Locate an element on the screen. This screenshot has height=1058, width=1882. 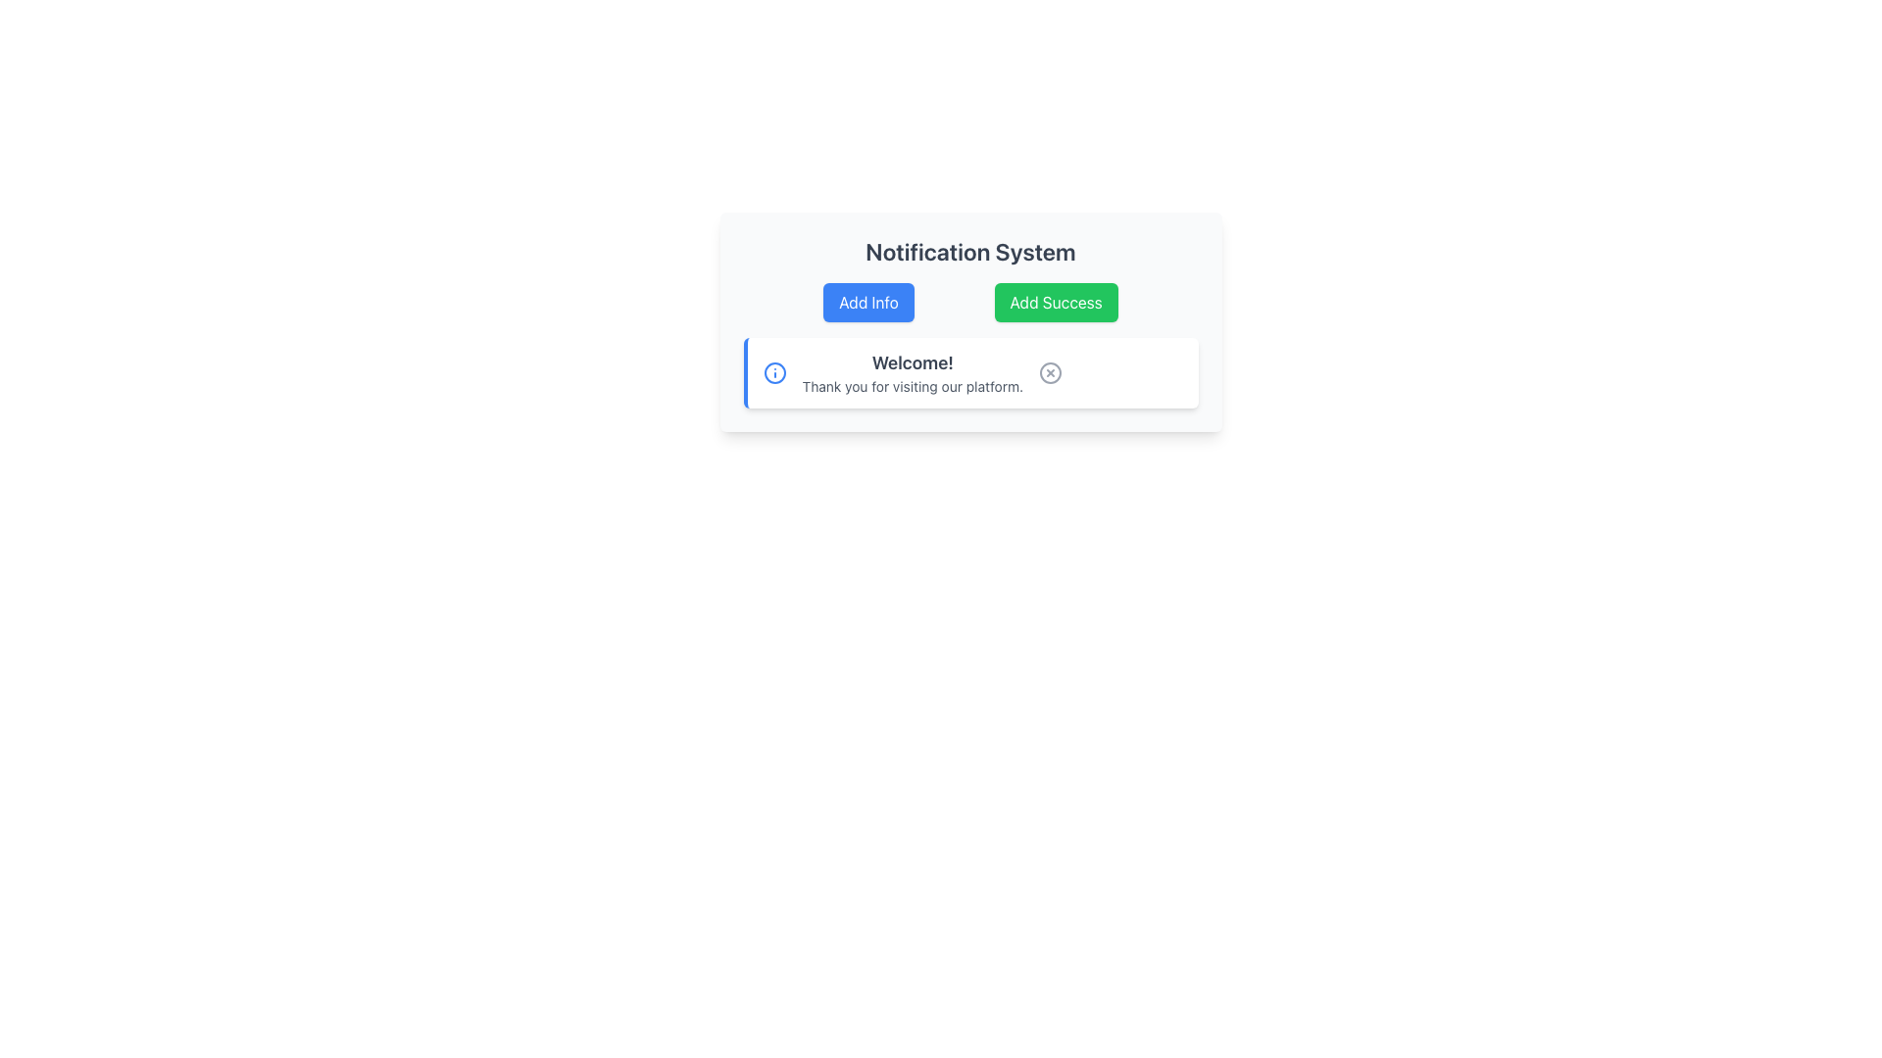
the informational icon located at the beginning of the notification box, to the left of the bolded title 'Welcome!' is located at coordinates (773, 373).